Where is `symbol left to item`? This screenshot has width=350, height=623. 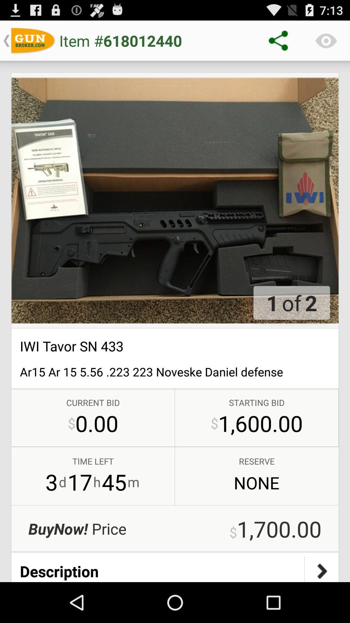 symbol left to item is located at coordinates (33, 40).